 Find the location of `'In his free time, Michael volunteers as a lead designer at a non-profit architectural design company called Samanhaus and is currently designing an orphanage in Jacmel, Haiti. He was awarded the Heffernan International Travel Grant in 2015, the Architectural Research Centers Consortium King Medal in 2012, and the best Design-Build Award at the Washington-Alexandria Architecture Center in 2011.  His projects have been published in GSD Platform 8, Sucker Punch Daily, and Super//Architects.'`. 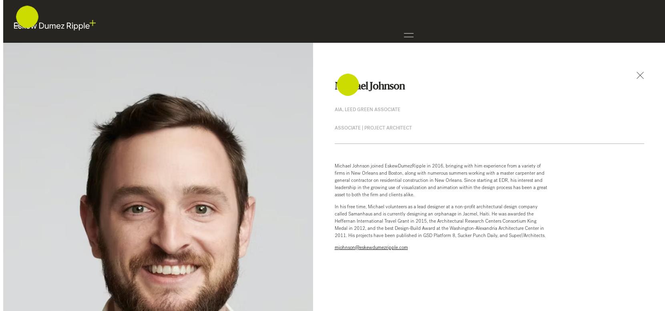

'In his free time, Michael volunteers as a lead designer at a non-profit architectural design company called Samanhaus and is currently designing an orphanage in Jacmel, Haiti. He was awarded the Heffernan International Travel Grant in 2015, the Architectural Research Centers Consortium King Medal in 2012, and the best Design-Build Award at the Washington-Alexandria Architecture Center in 2011.  His projects have been published in GSD Platform 8, Sucker Punch Daily, and Super//Architects.' is located at coordinates (334, 220).